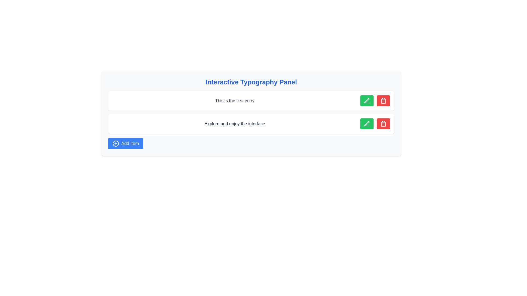 The height and width of the screenshot is (296, 527). I want to click on the green square button containing the pen icon in the second row of the interactive panel, so click(366, 124).